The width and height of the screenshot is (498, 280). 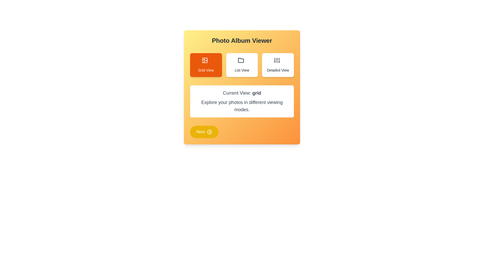 What do you see at coordinates (241, 60) in the screenshot?
I see `the 'List View' icon button, which is the second icon in a group of three icons in the photo album viewer interface` at bounding box center [241, 60].